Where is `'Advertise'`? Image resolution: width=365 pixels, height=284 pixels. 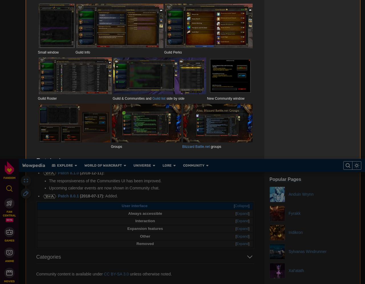 'Advertise' is located at coordinates (204, 62).